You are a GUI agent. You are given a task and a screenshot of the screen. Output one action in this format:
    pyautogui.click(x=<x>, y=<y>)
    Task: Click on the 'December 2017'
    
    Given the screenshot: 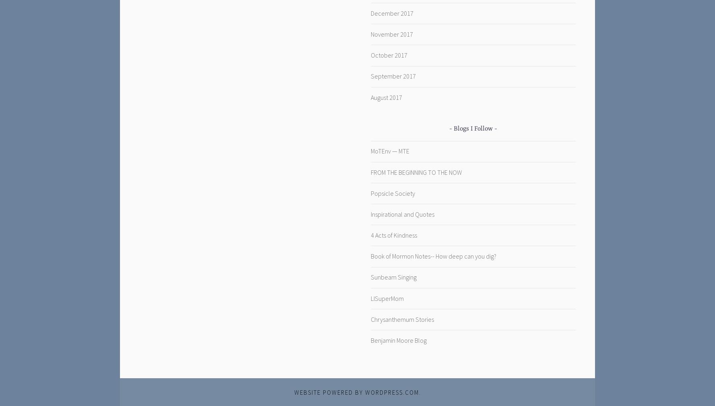 What is the action you would take?
    pyautogui.click(x=392, y=12)
    